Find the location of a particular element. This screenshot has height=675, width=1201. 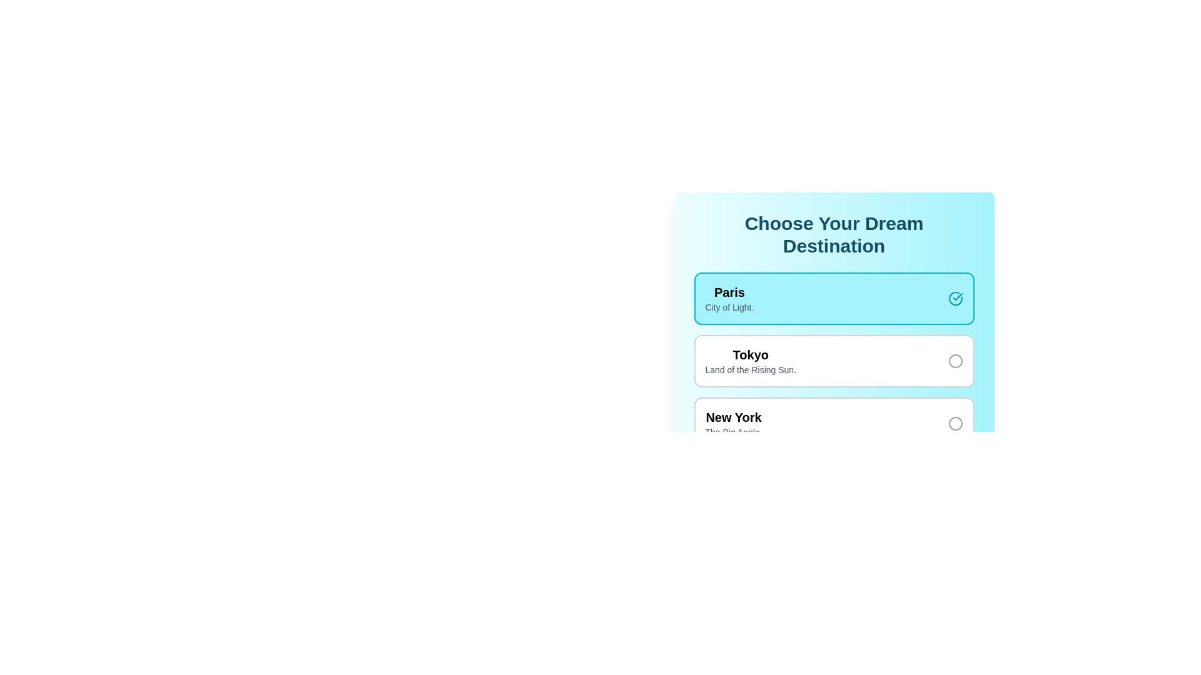

the grouped list element containing selectable options for destinations, styled with a light cyan background and positioned below the 'Paris' option is located at coordinates (834, 392).